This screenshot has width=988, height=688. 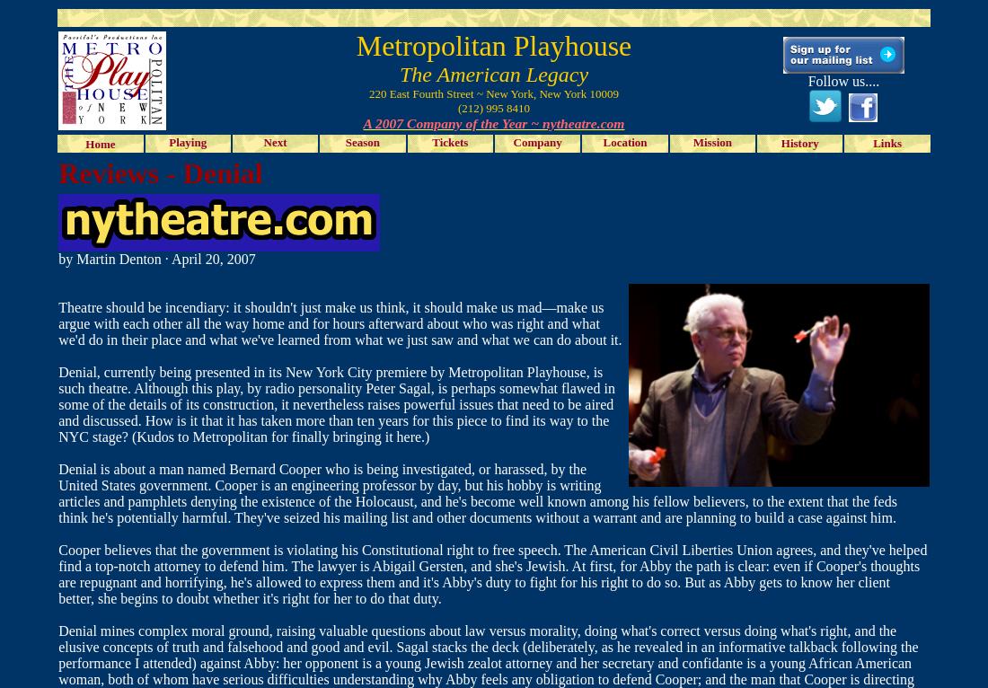 I want to click on 'The American
Legacy', so click(x=493, y=74).